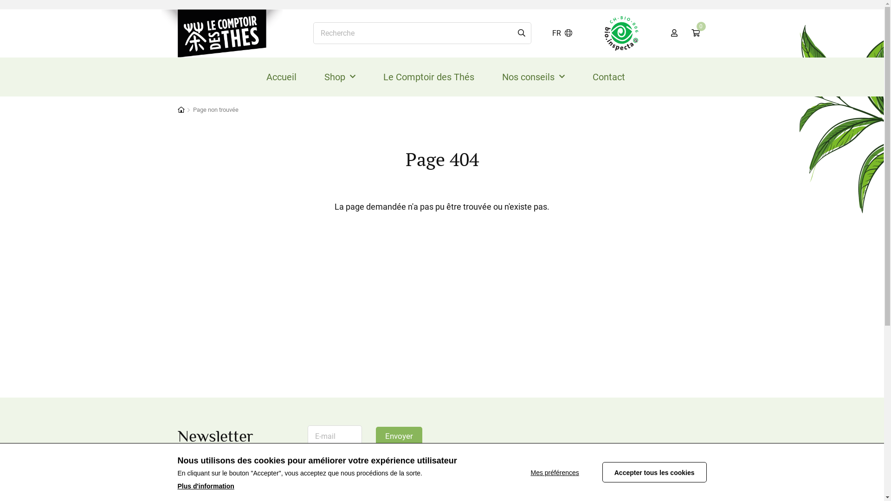 The height and width of the screenshot is (501, 891). What do you see at coordinates (684, 33) in the screenshot?
I see `'0'` at bounding box center [684, 33].